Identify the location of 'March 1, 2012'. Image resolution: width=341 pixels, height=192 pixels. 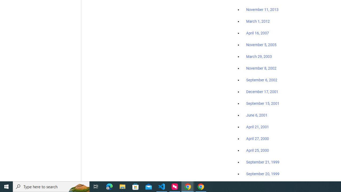
(258, 21).